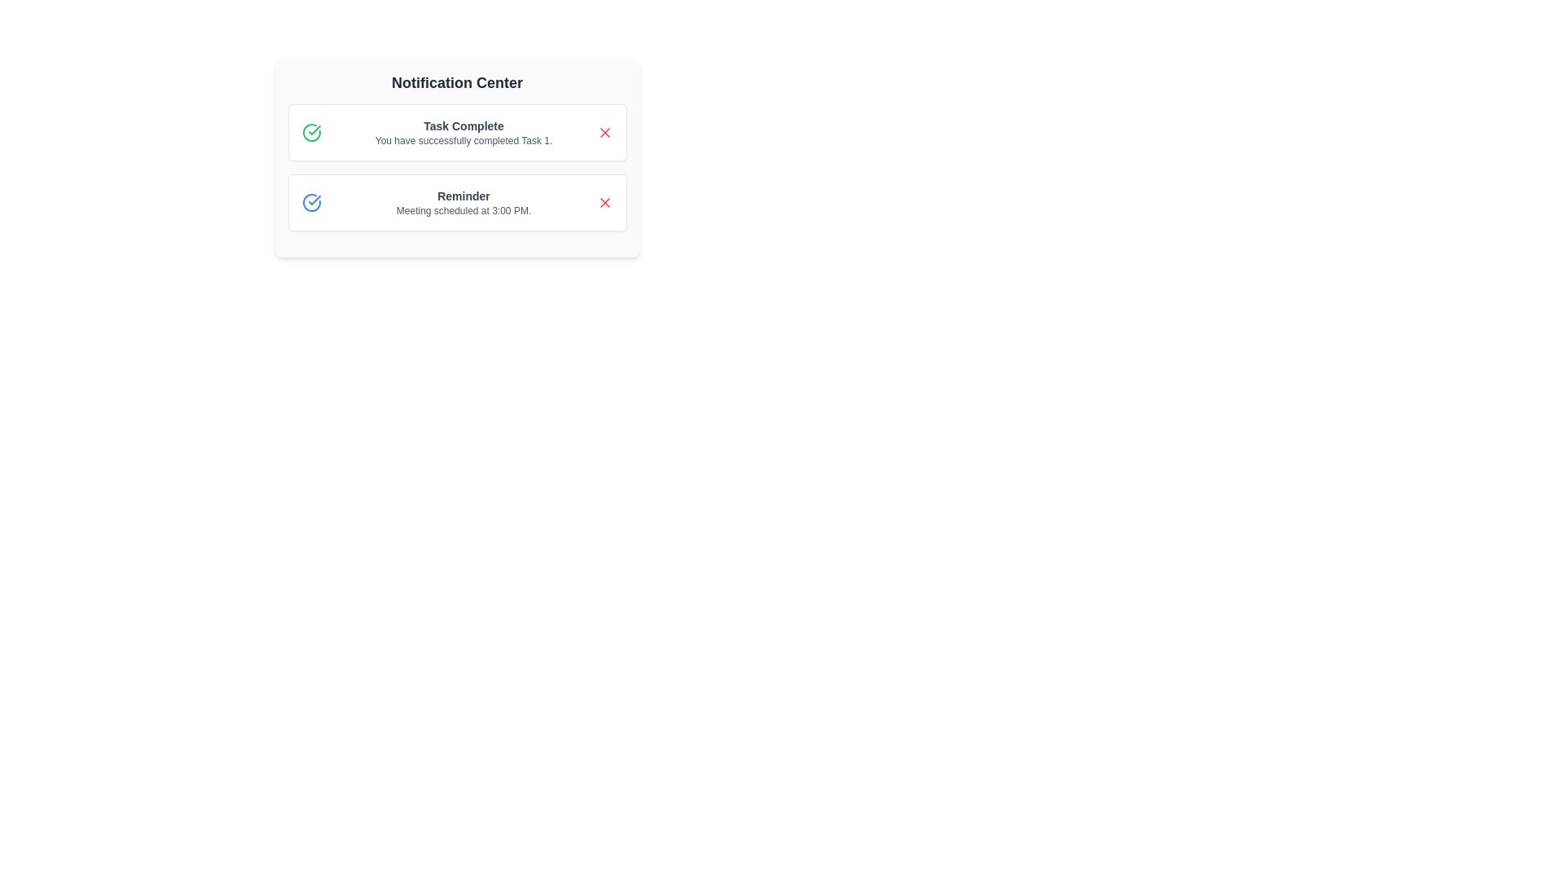  Describe the element at coordinates (311, 202) in the screenshot. I see `the circular blue icon with a check mark located to the left of the text 'Reminder'` at that location.